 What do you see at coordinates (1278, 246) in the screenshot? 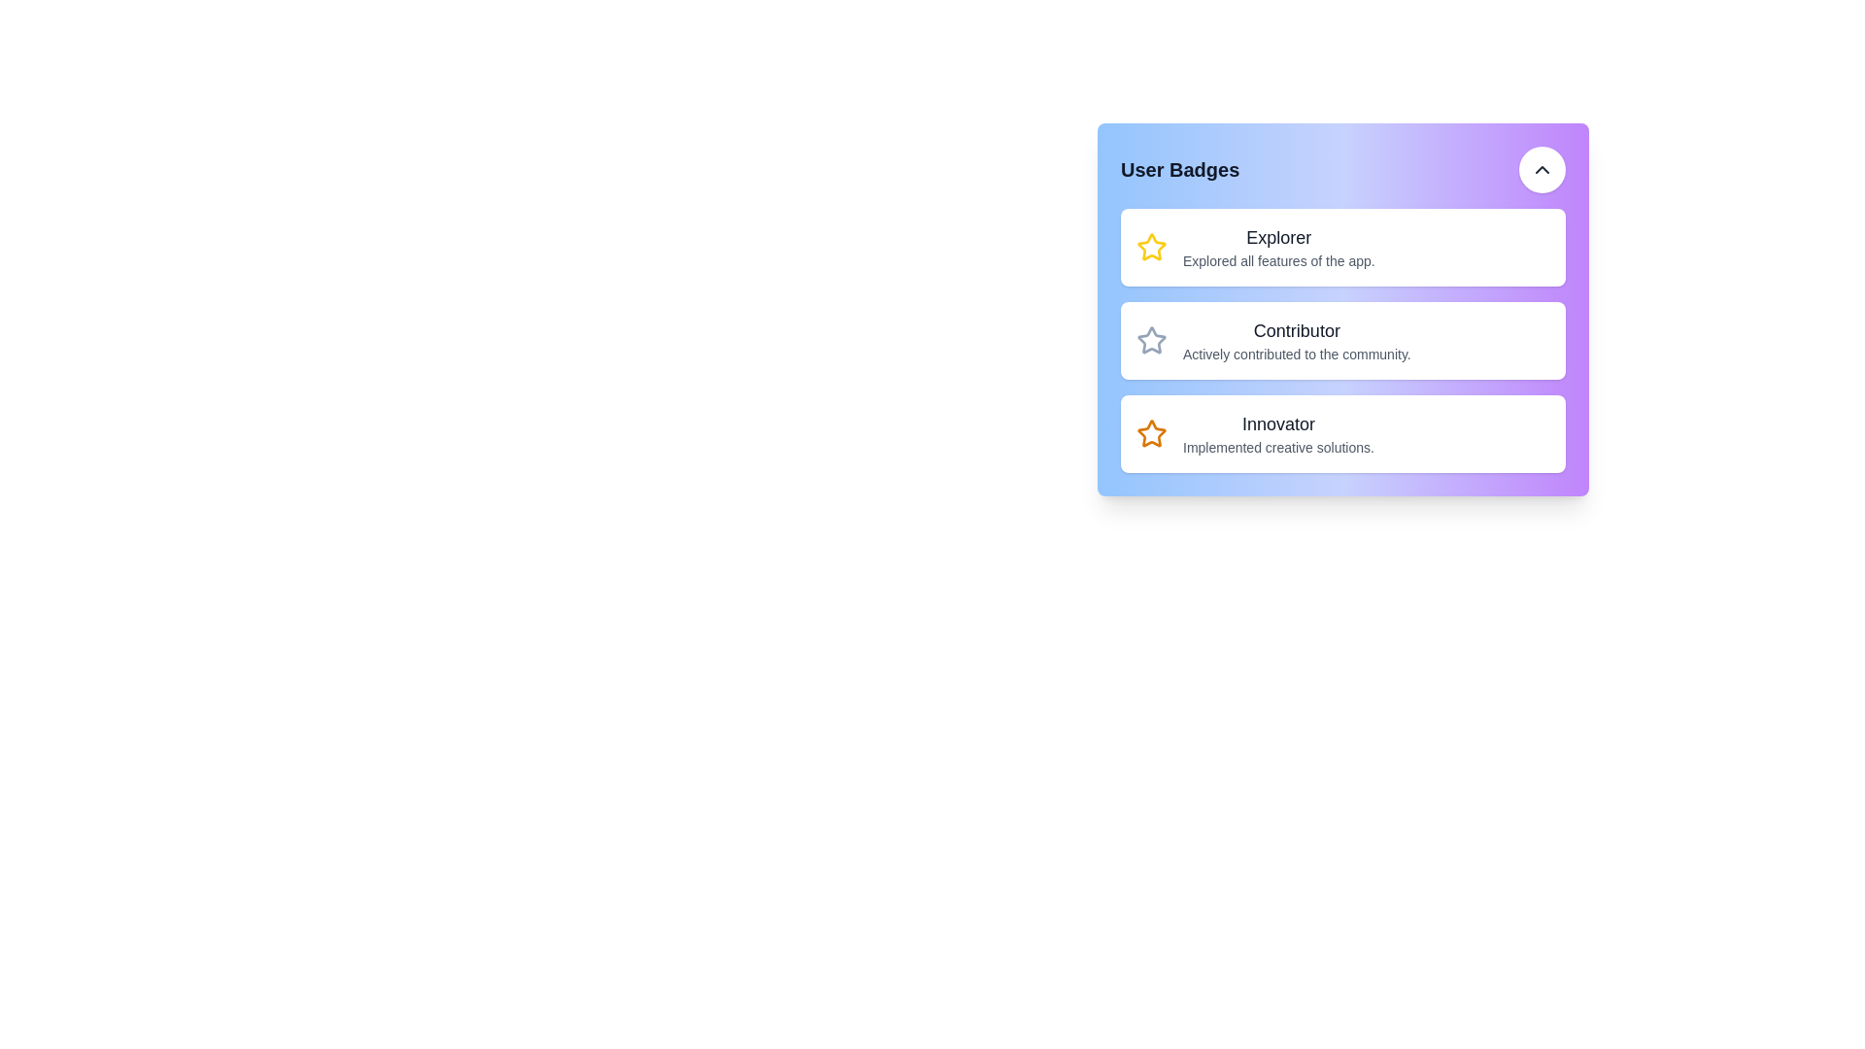
I see `the text block displaying 'Explorer' to trigger potential tooltips` at bounding box center [1278, 246].